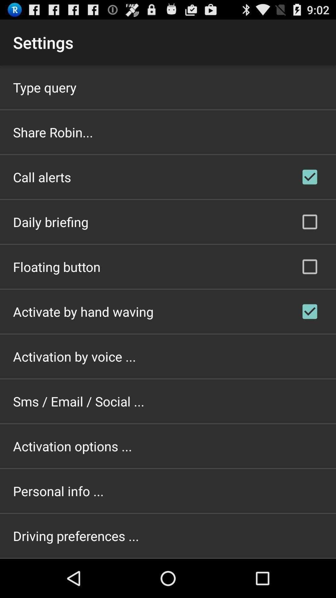 Image resolution: width=336 pixels, height=598 pixels. What do you see at coordinates (53, 132) in the screenshot?
I see `the icon below the type query item` at bounding box center [53, 132].